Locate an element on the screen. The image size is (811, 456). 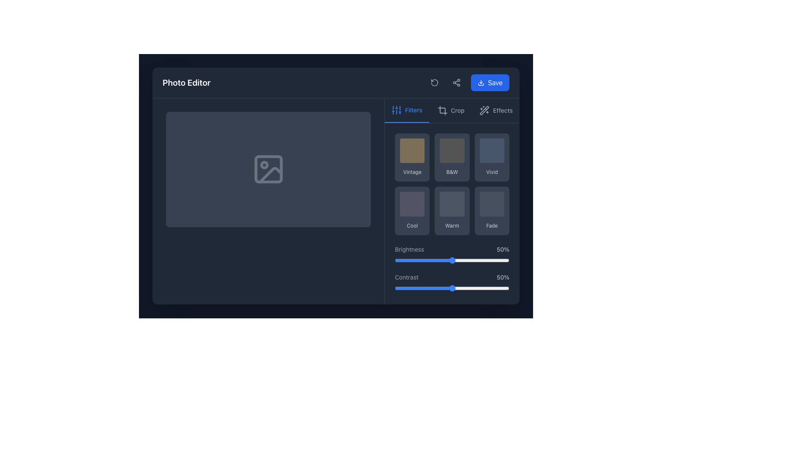
the gray square-shaped tile with rounded corners located in the 'Fade' option group to apply the filter is located at coordinates (492, 204).